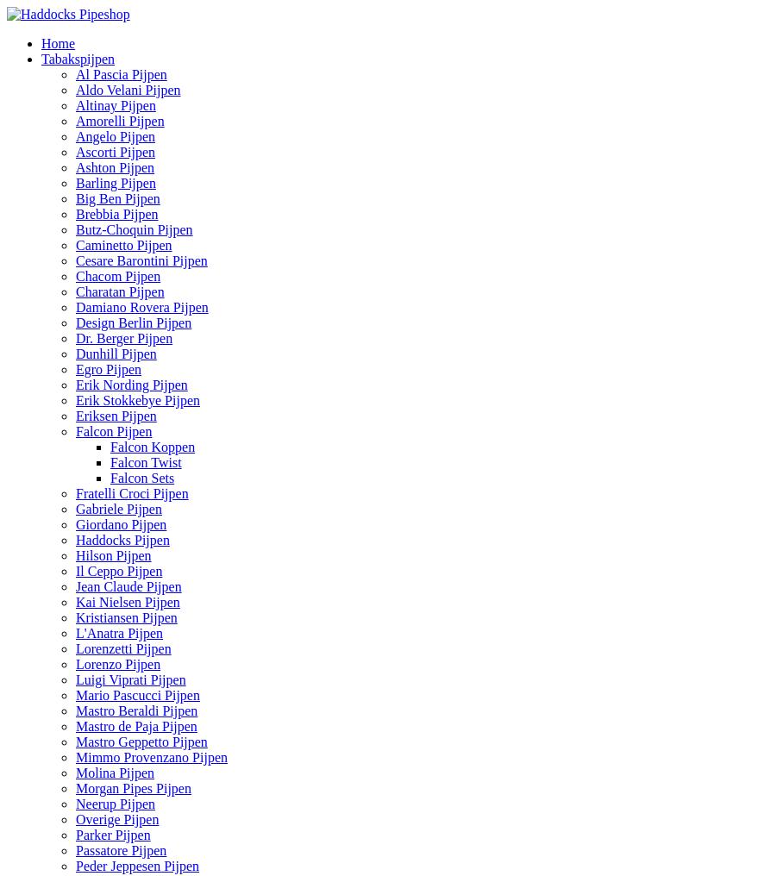 The image size is (783, 876). Describe the element at coordinates (74, 151) in the screenshot. I see `'Ascorti Pijpen'` at that location.